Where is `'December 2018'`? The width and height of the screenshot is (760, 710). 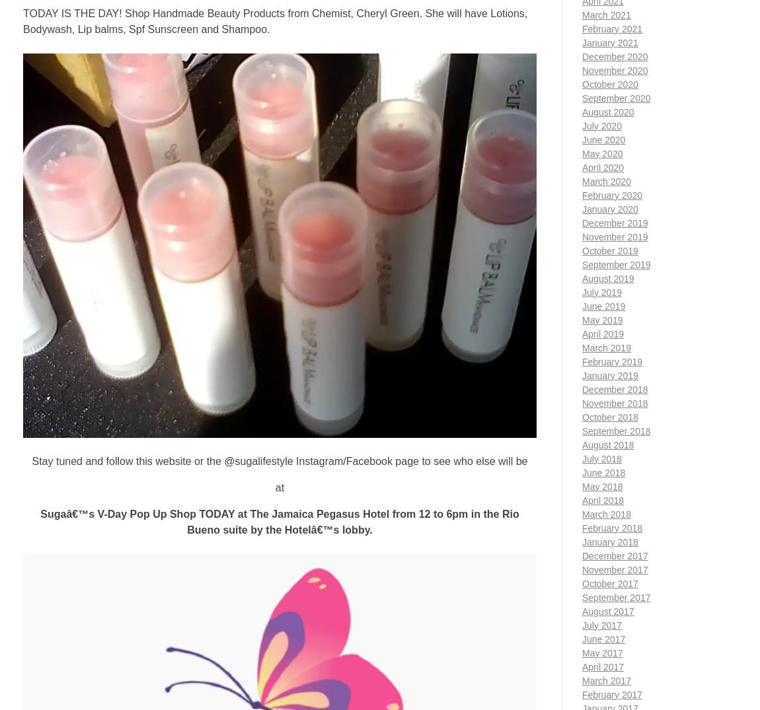 'December 2018' is located at coordinates (615, 388).